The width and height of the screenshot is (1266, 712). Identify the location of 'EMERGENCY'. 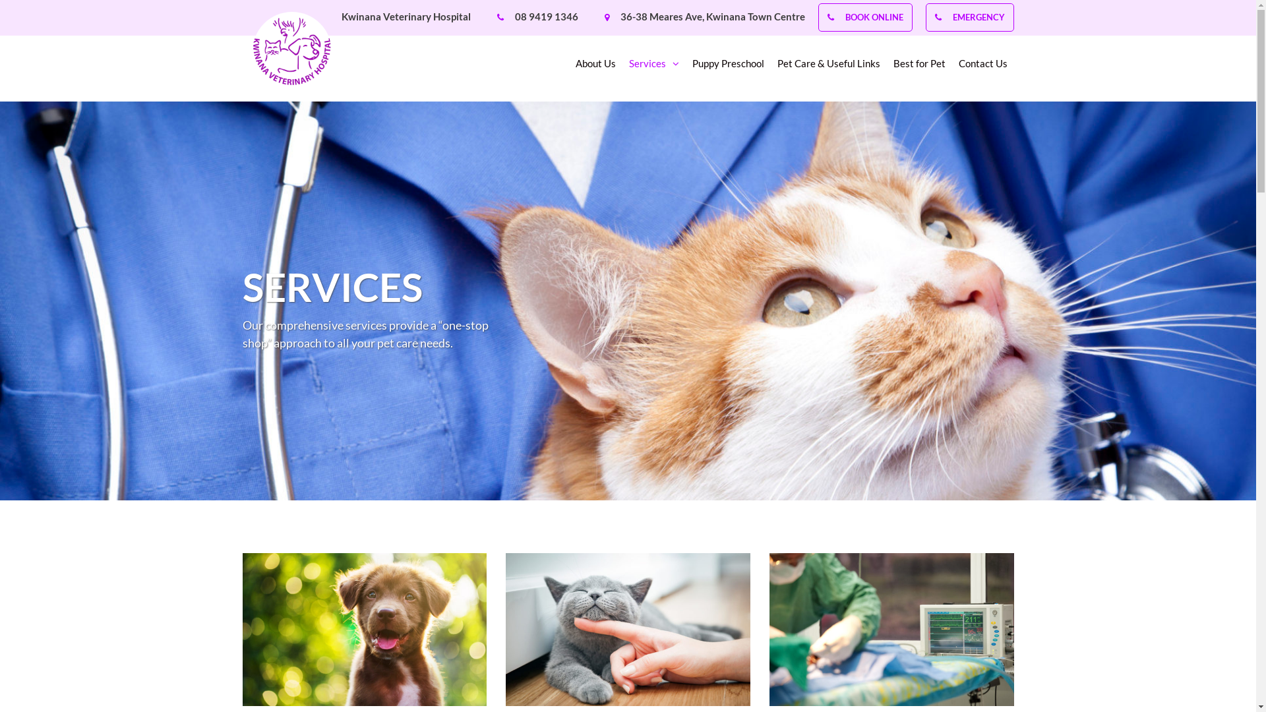
(978, 17).